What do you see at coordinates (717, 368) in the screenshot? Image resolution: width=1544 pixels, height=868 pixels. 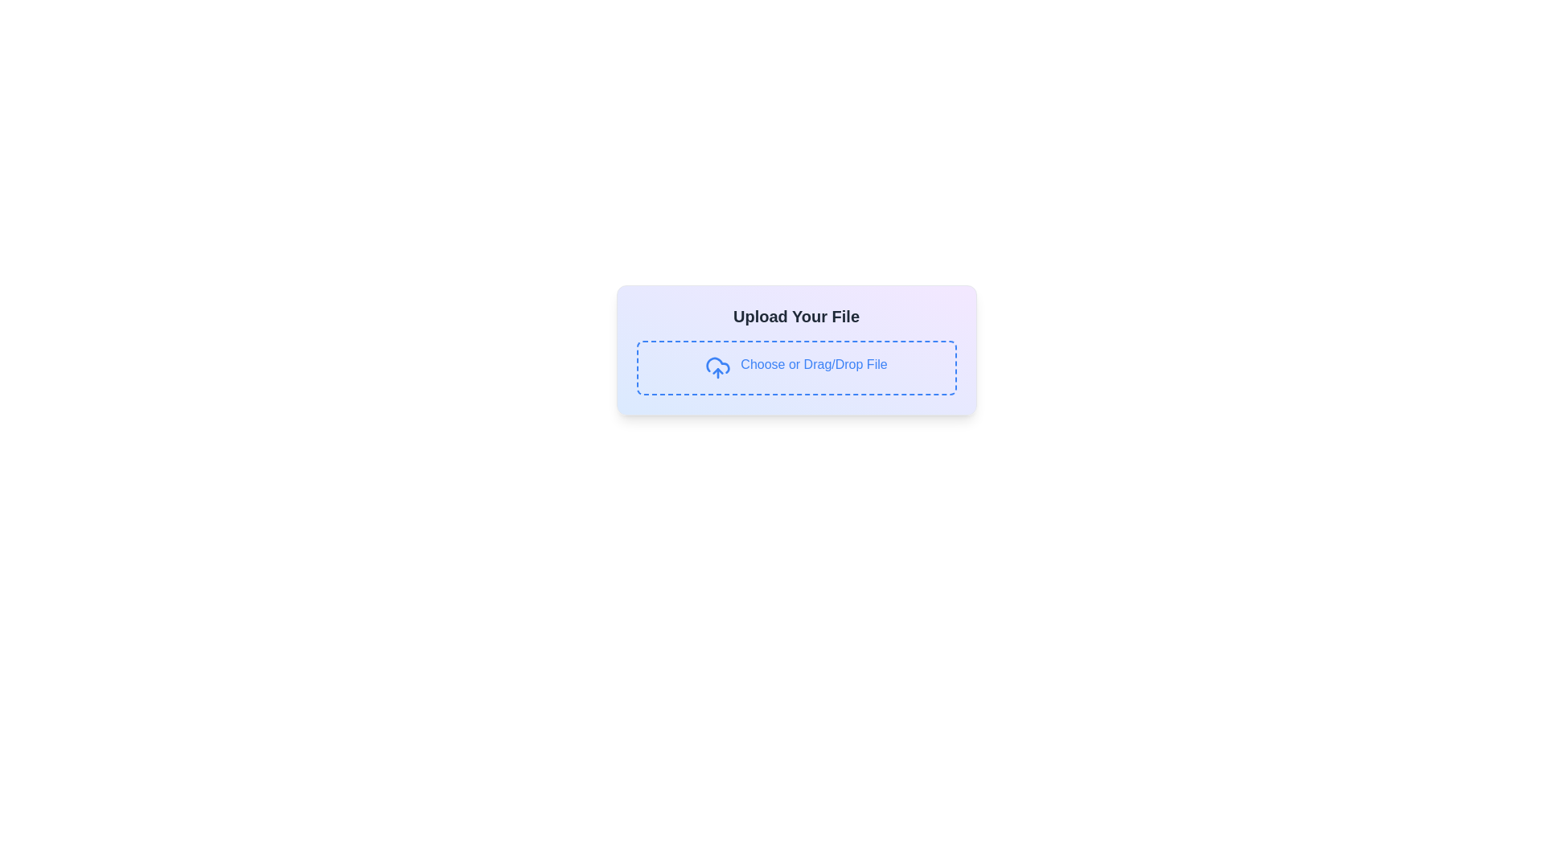 I see `the upload icon, which is a cloud with an upward arrow, located within a dashed-bordered rectangle next to the text 'Choose or Drag/Drop File'` at bounding box center [717, 368].